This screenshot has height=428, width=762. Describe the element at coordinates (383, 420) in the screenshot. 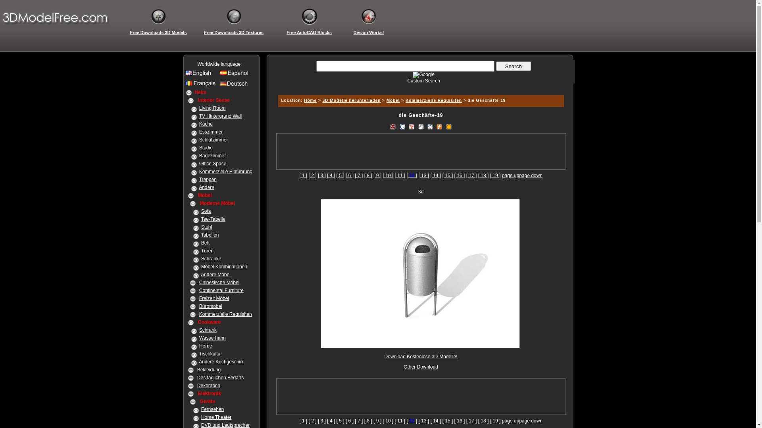

I see `'[ 10 ]'` at that location.